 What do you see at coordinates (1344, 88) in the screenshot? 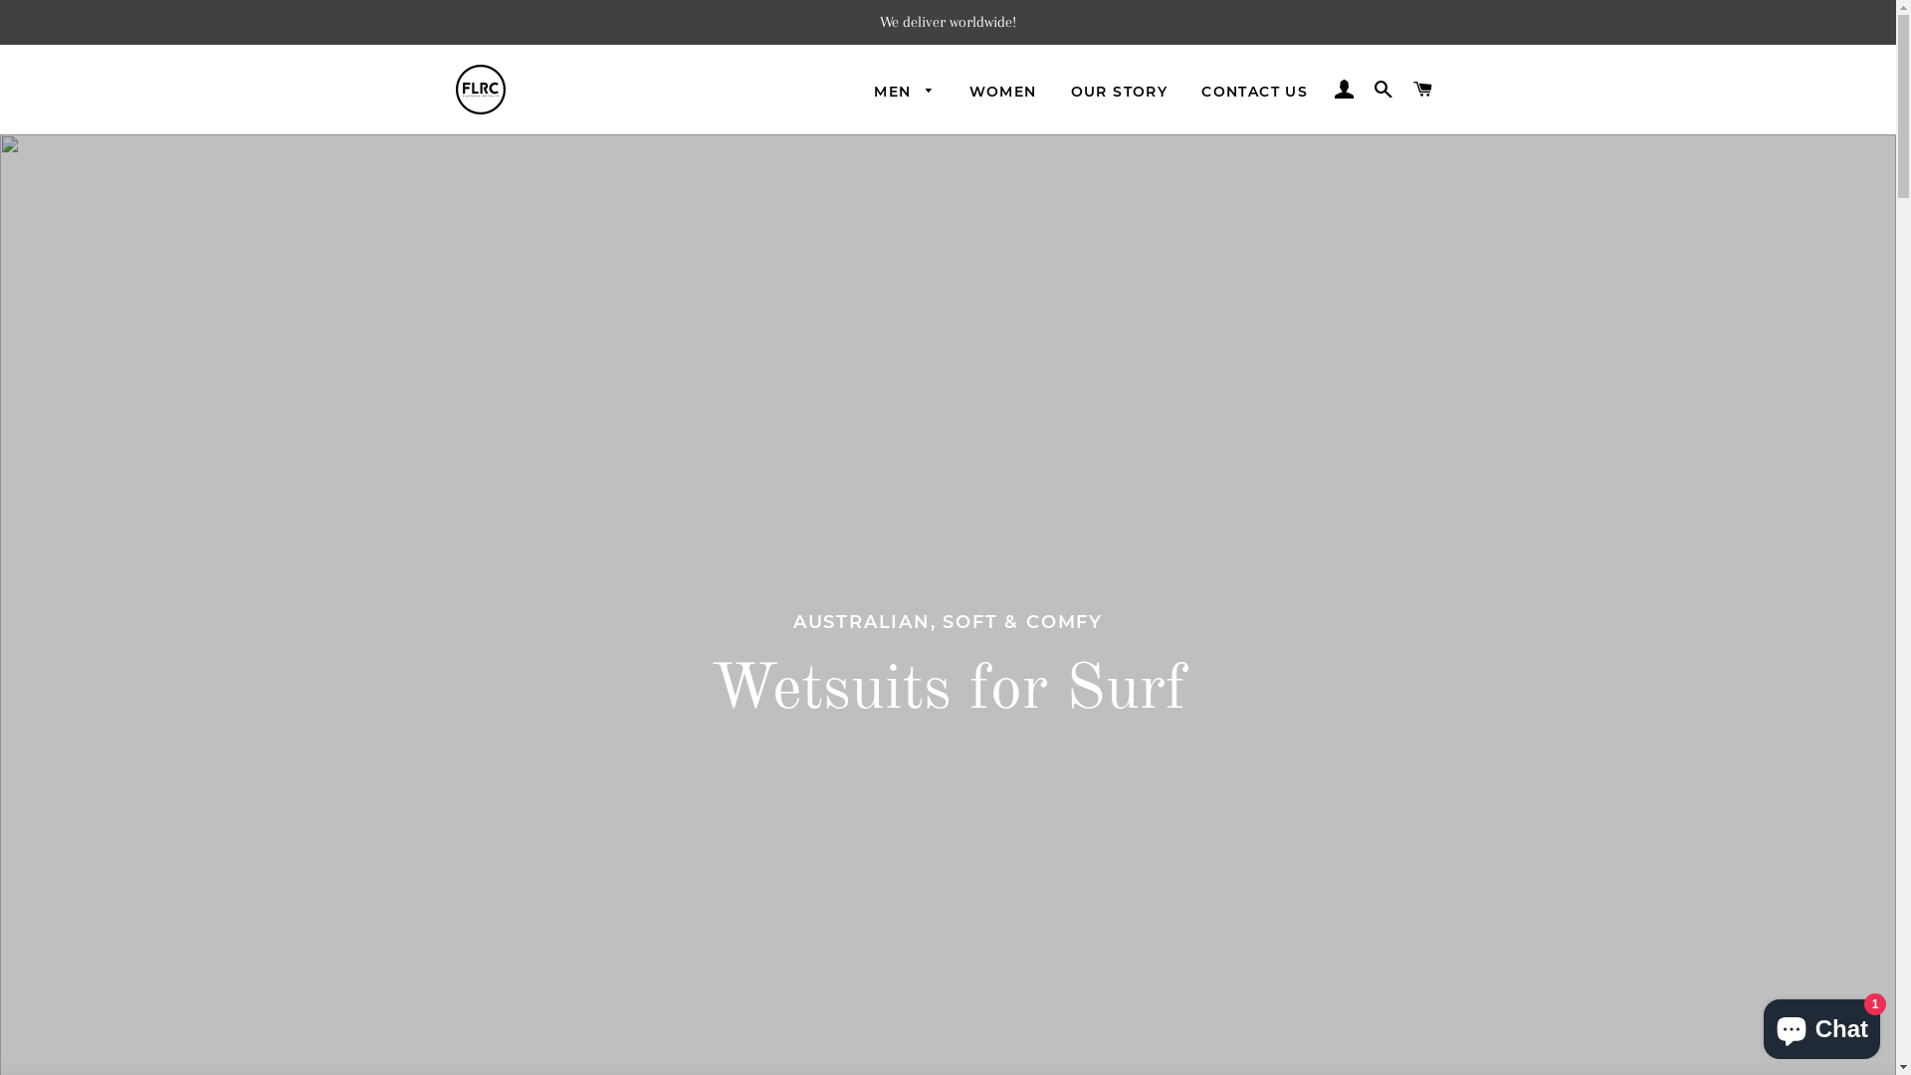
I see `'LOG IN'` at bounding box center [1344, 88].